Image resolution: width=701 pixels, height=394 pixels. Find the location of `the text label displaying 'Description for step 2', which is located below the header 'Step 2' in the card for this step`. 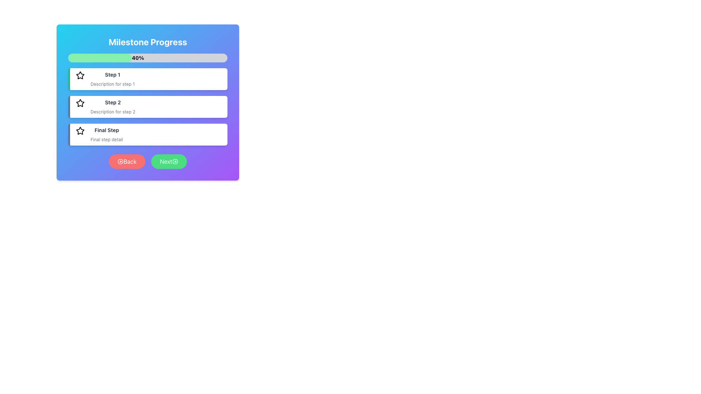

the text label displaying 'Description for step 2', which is located below the header 'Step 2' in the card for this step is located at coordinates (112, 112).